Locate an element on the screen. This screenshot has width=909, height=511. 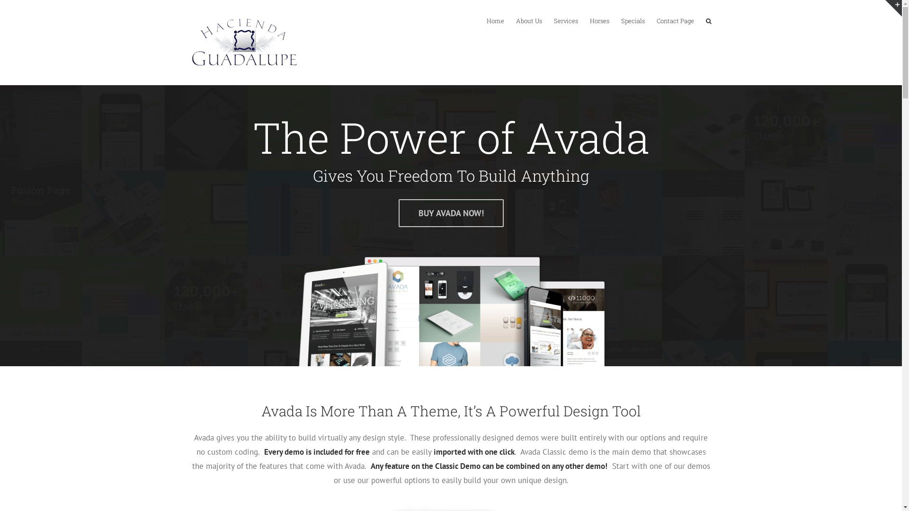
'Every demo is included for free' is located at coordinates (317, 451).